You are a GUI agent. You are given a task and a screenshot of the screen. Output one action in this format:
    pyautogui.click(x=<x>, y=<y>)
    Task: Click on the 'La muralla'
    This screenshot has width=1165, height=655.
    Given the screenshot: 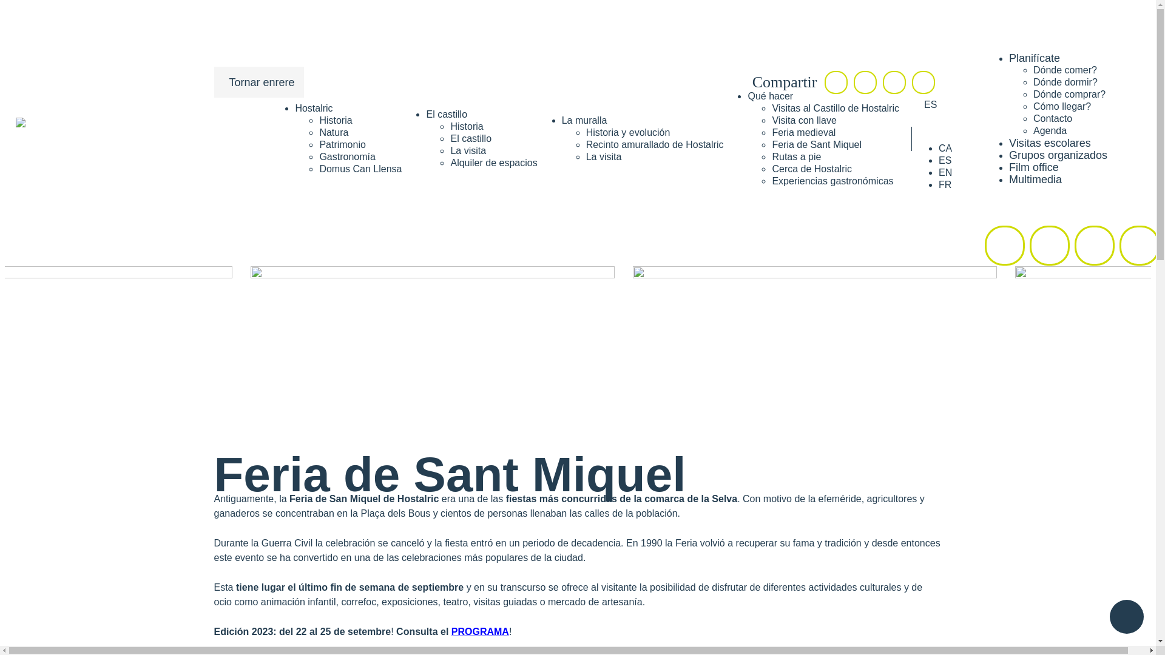 What is the action you would take?
    pyautogui.click(x=584, y=120)
    